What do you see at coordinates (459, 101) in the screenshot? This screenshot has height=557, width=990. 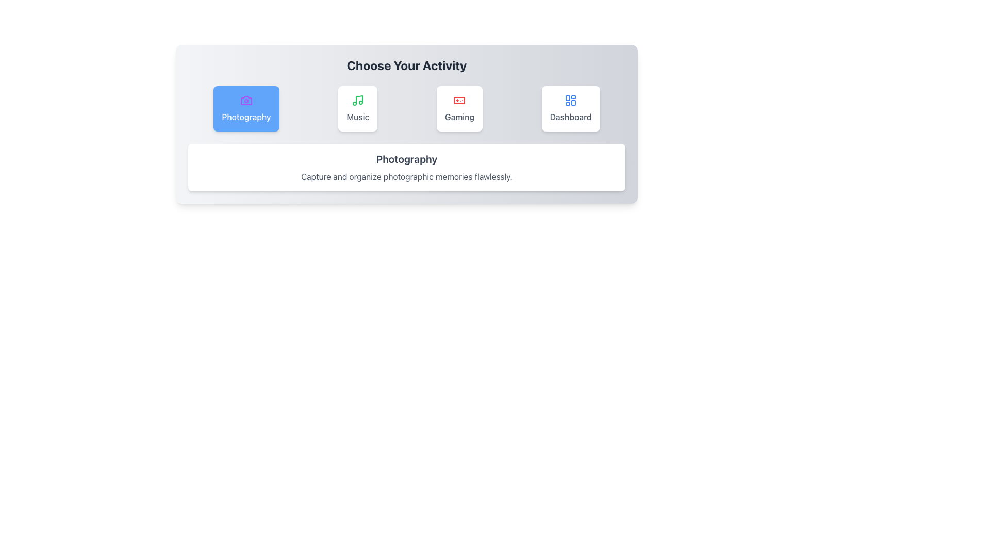 I see `the SVG Rectangle that serves as the primary background shape for the gamepad icon` at bounding box center [459, 101].